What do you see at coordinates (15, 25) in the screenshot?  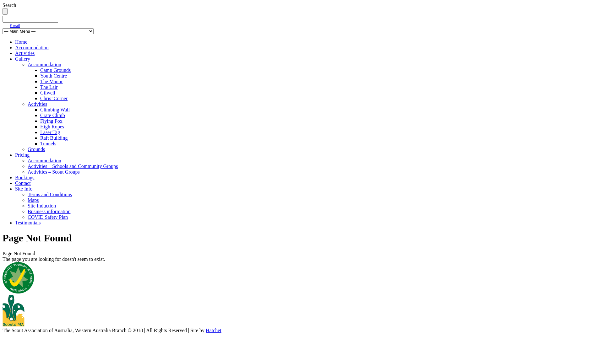 I see `'E-mail'` at bounding box center [15, 25].